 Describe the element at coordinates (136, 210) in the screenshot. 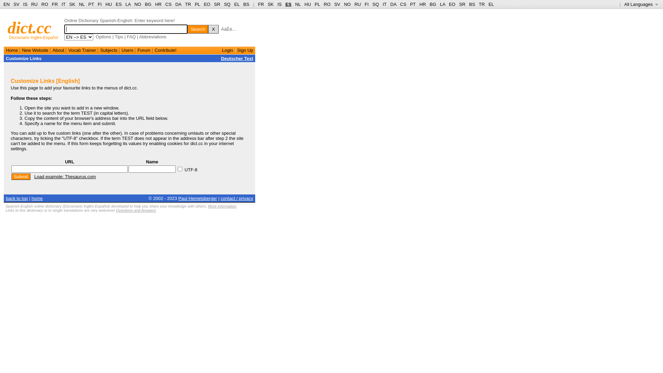

I see `'Questions and Answers'` at that location.